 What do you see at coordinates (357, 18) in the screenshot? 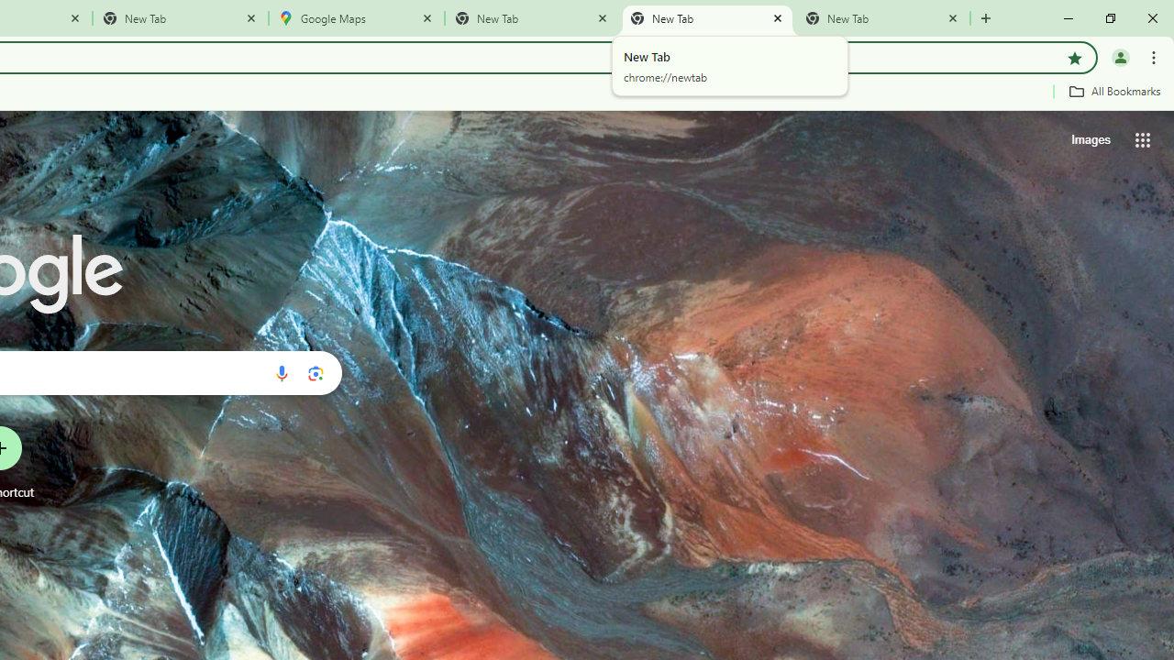
I see `'Google Maps'` at bounding box center [357, 18].